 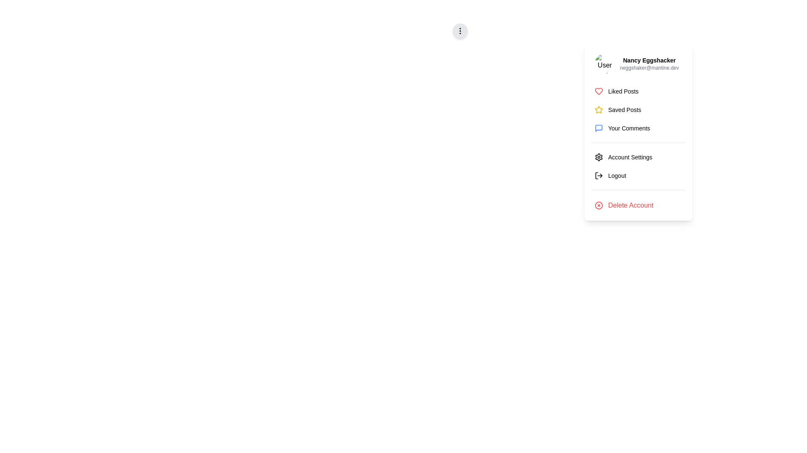 What do you see at coordinates (638, 109) in the screenshot?
I see `the first entry 'Liked Posts' in the Interactive List that appears in the drop-down menu under profile details` at bounding box center [638, 109].